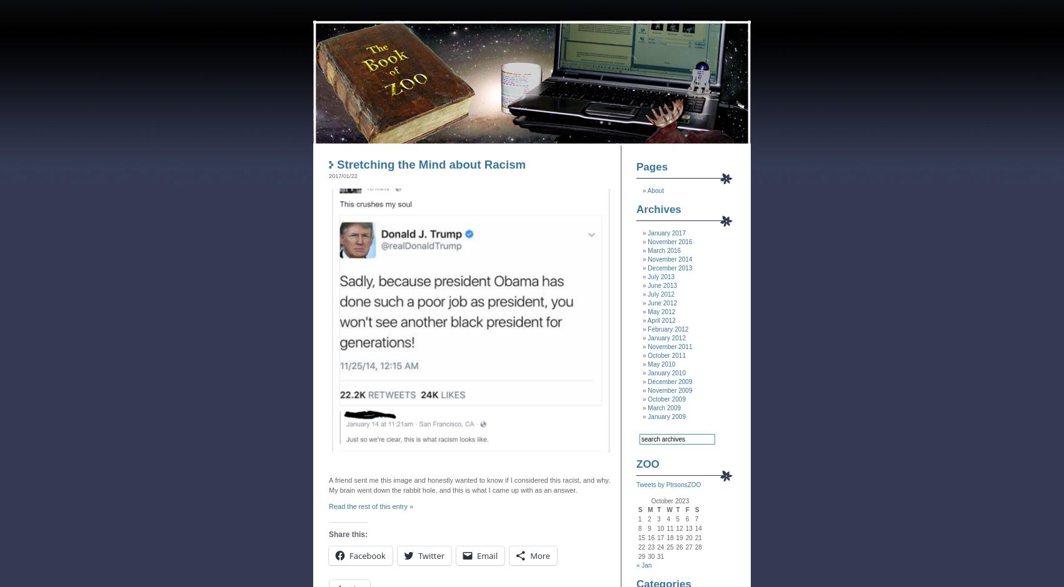 This screenshot has height=587, width=1064. I want to click on '16', so click(650, 537).